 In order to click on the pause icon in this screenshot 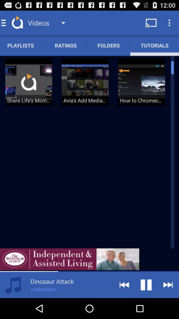, I will do `click(146, 305)`.